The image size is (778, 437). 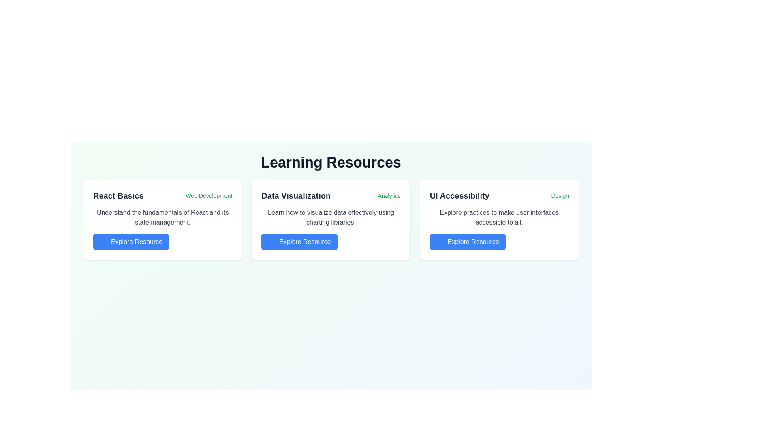 What do you see at coordinates (272, 241) in the screenshot?
I see `the small icon resembling a list, which is displayed in white on a blue rectangle, located at the leftmost part of the 'Explore Resource' button within the 'Data Visualization' card` at bounding box center [272, 241].